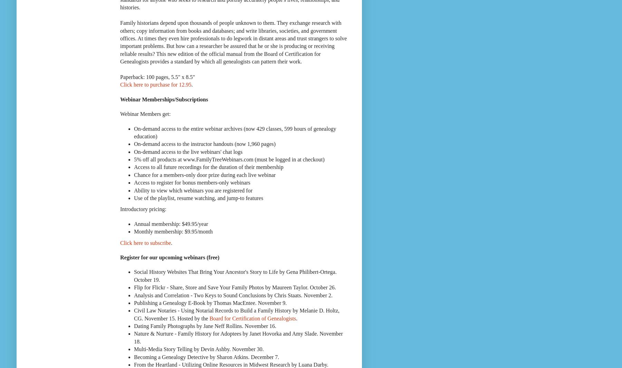 Image resolution: width=622 pixels, height=368 pixels. What do you see at coordinates (170, 223) in the screenshot?
I see `'Annual membership: $49.95/year'` at bounding box center [170, 223].